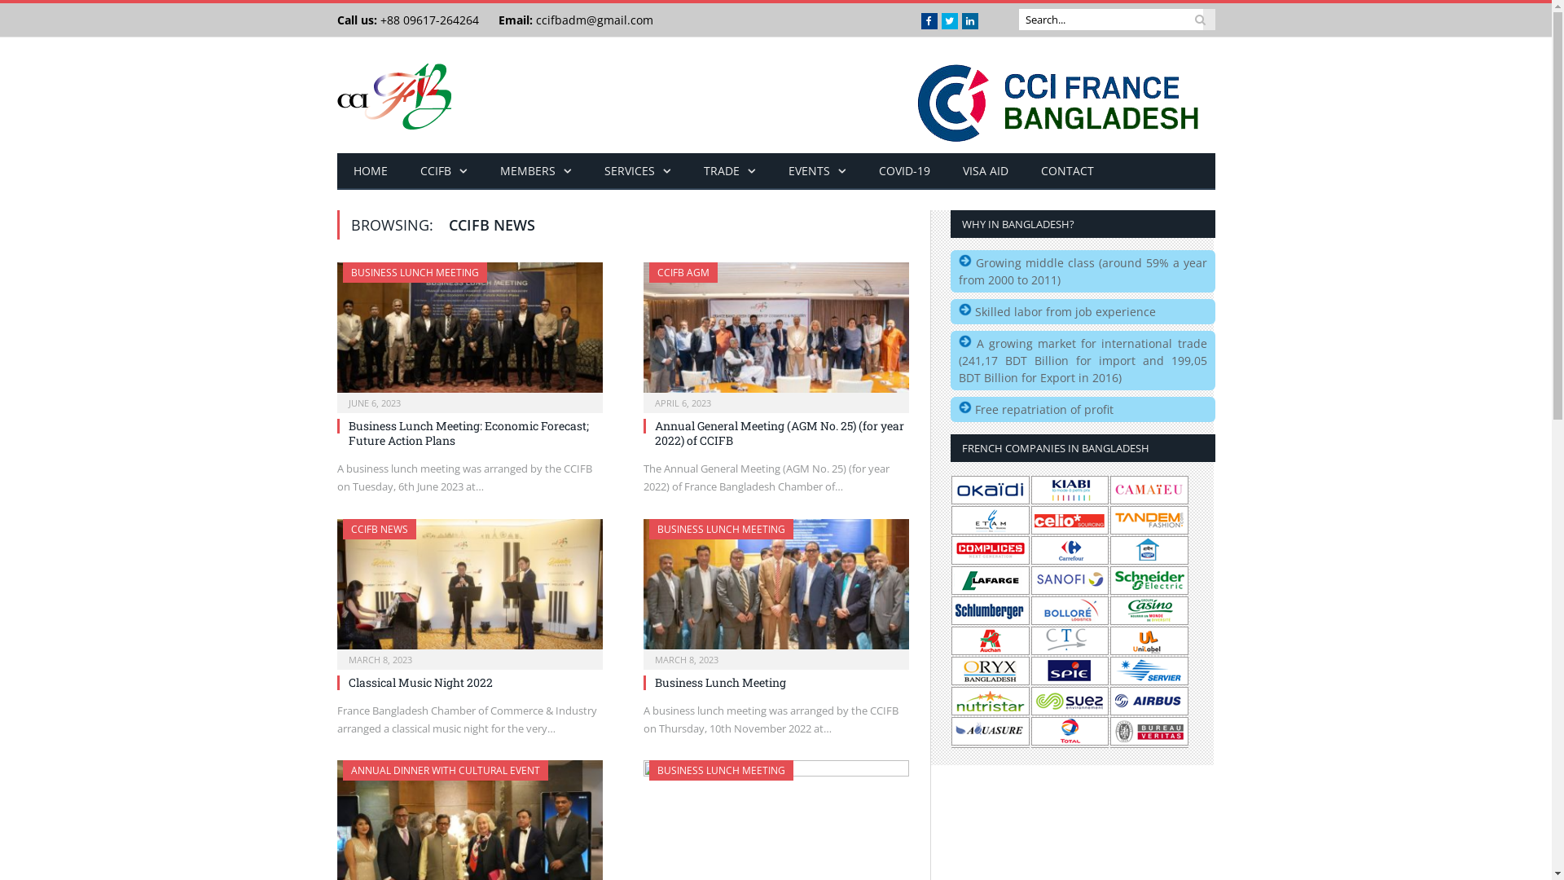 The image size is (1564, 880). I want to click on 'SERVICES', so click(636, 171).